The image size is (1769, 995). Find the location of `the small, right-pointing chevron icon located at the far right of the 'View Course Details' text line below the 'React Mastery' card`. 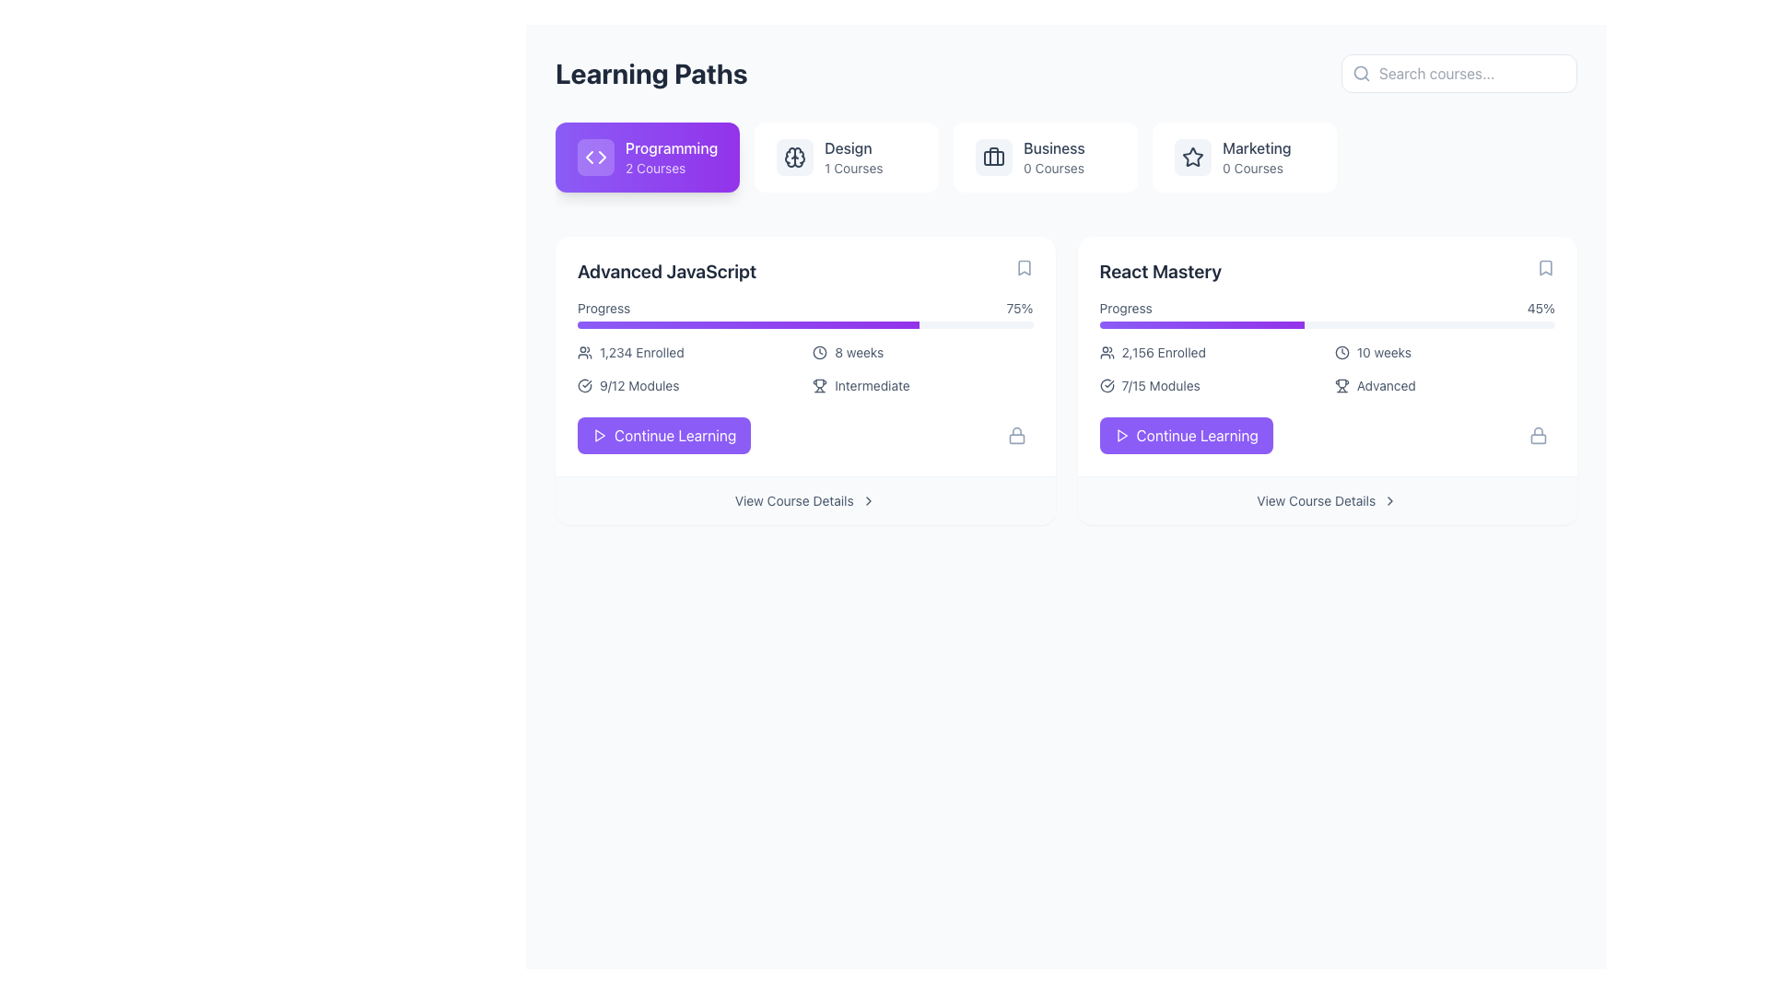

the small, right-pointing chevron icon located at the far right of the 'View Course Details' text line below the 'React Mastery' card is located at coordinates (1390, 500).